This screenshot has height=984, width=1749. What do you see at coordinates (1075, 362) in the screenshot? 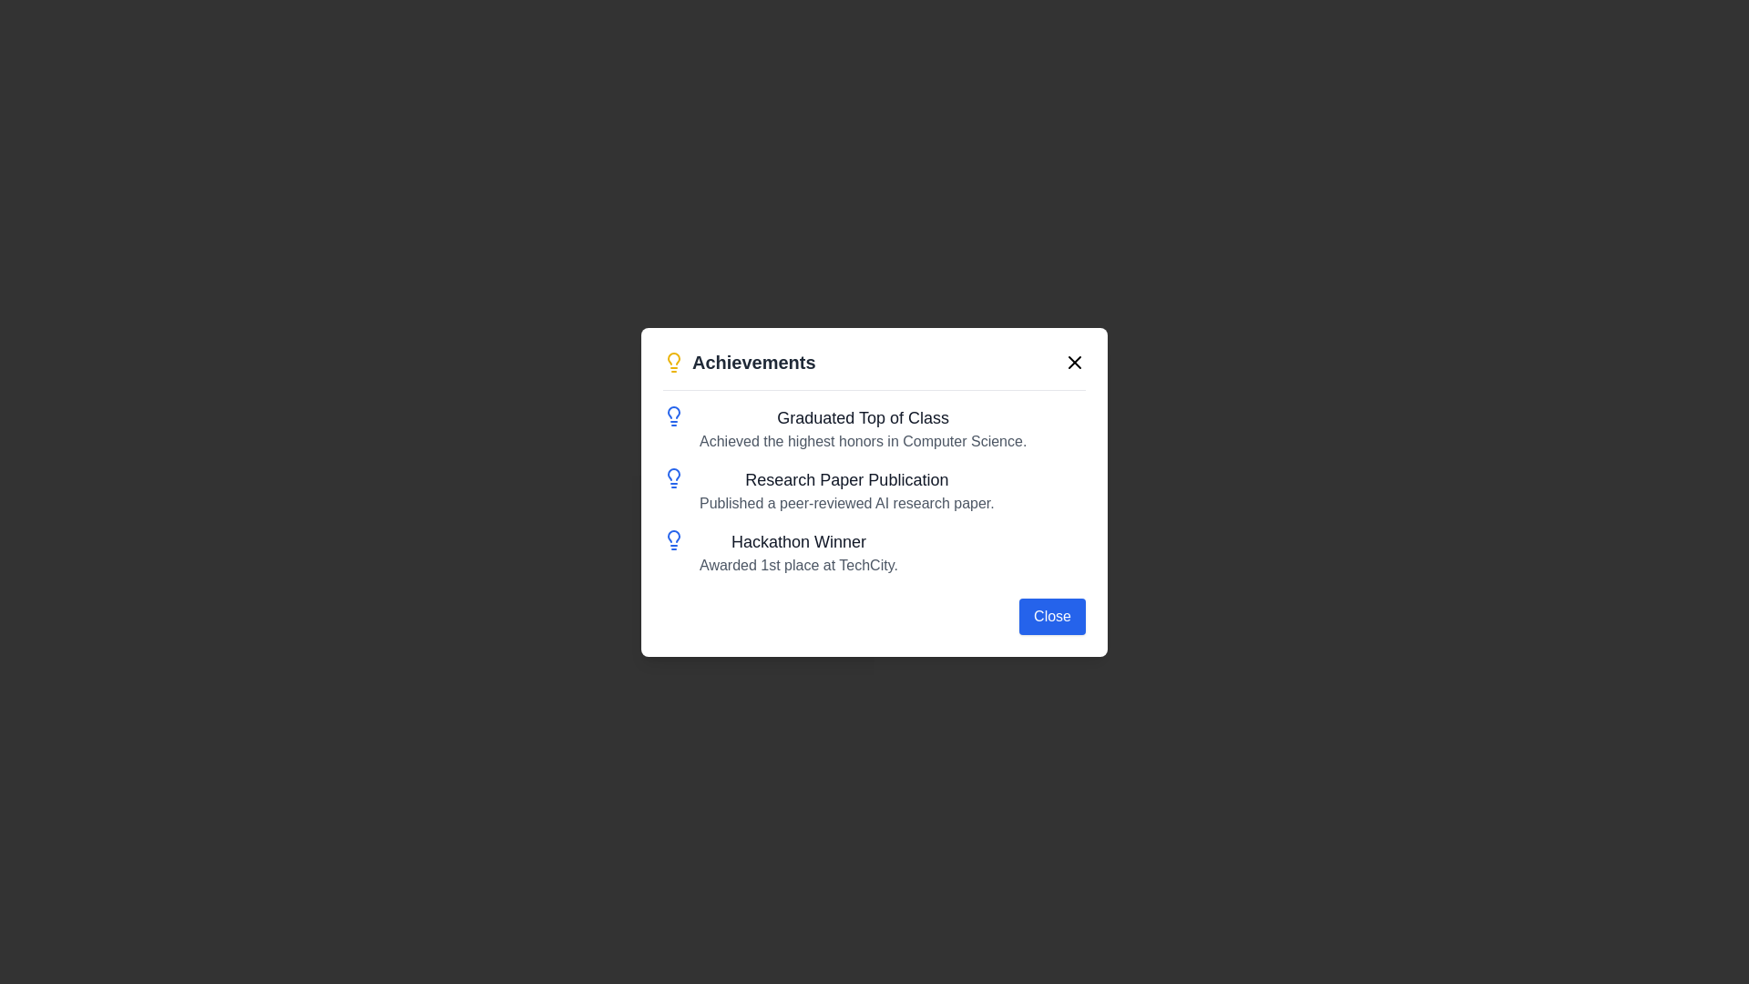
I see `the close button icon located at the top right corner of the 'Achievements' modal dialog to change its color` at bounding box center [1075, 362].